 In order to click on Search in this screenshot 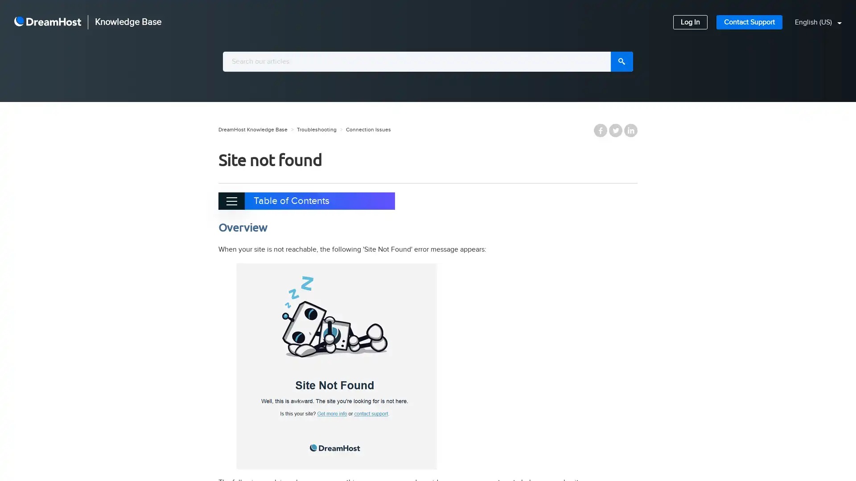, I will do `click(621, 61)`.